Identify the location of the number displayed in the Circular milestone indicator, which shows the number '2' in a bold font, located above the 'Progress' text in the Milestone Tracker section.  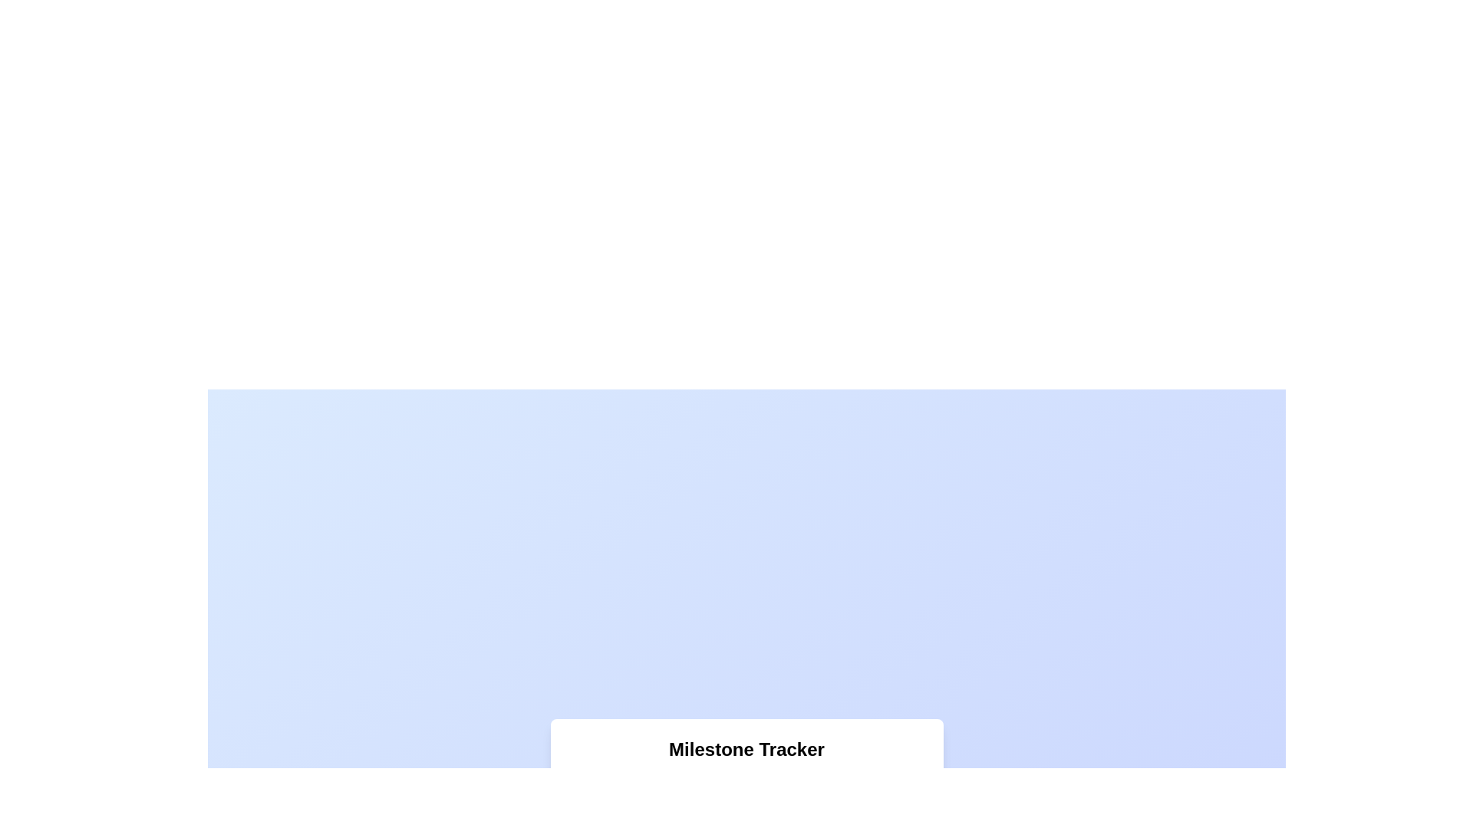
(680, 787).